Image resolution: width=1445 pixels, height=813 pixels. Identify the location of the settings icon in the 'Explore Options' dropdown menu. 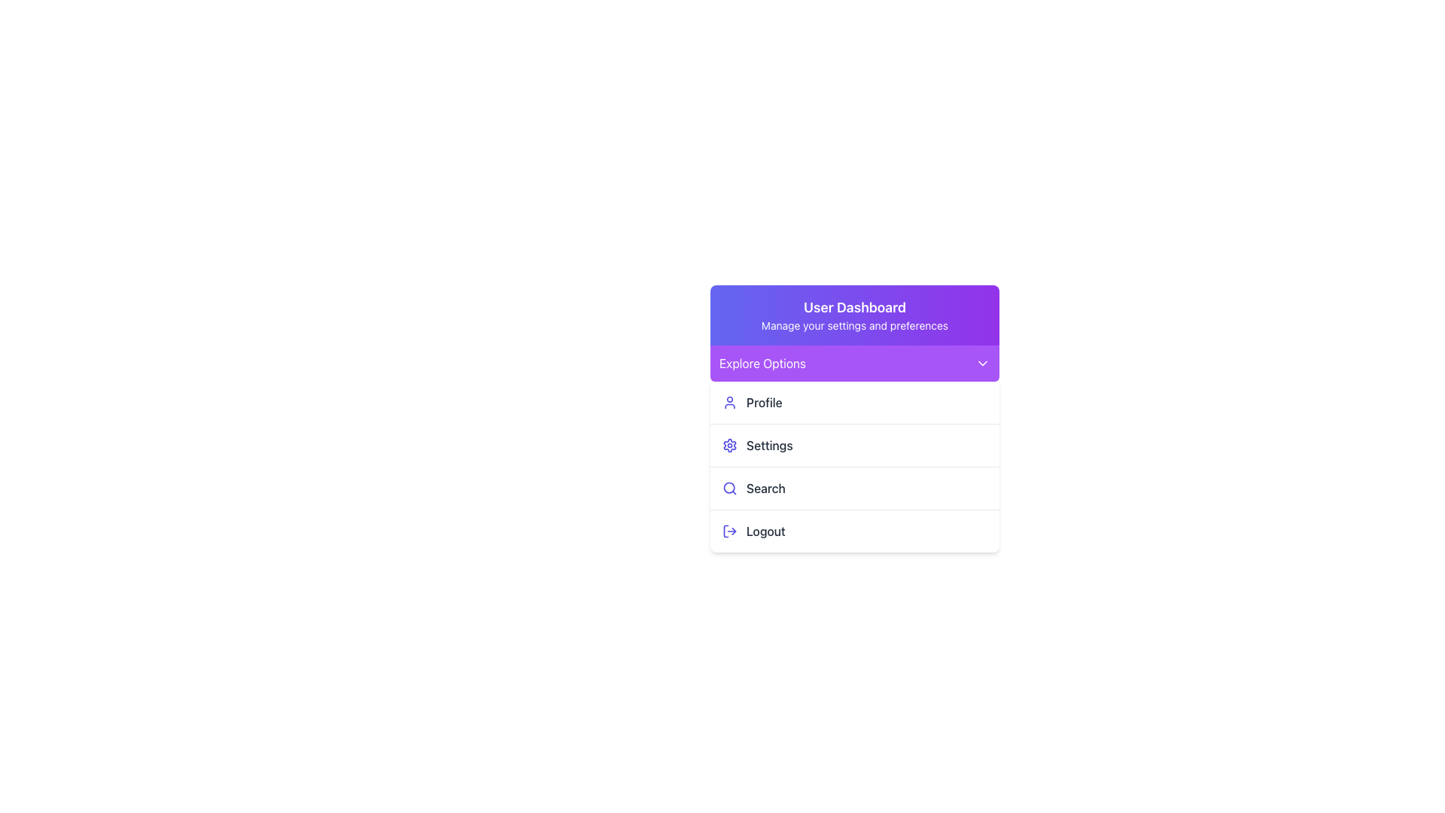
(729, 444).